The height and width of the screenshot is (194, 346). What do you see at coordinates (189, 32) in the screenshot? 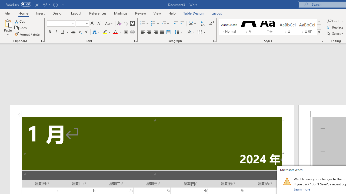
I see `'Shading RGB(0, 0, 0)'` at bounding box center [189, 32].